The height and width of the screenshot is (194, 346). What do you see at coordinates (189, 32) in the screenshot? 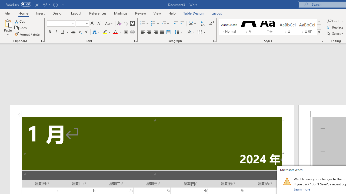
I see `'Shading RGB(0, 0, 0)'` at bounding box center [189, 32].